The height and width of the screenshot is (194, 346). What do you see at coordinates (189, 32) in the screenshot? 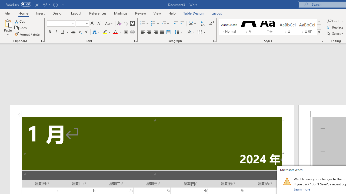
I see `'Shading RGB(0, 0, 0)'` at bounding box center [189, 32].